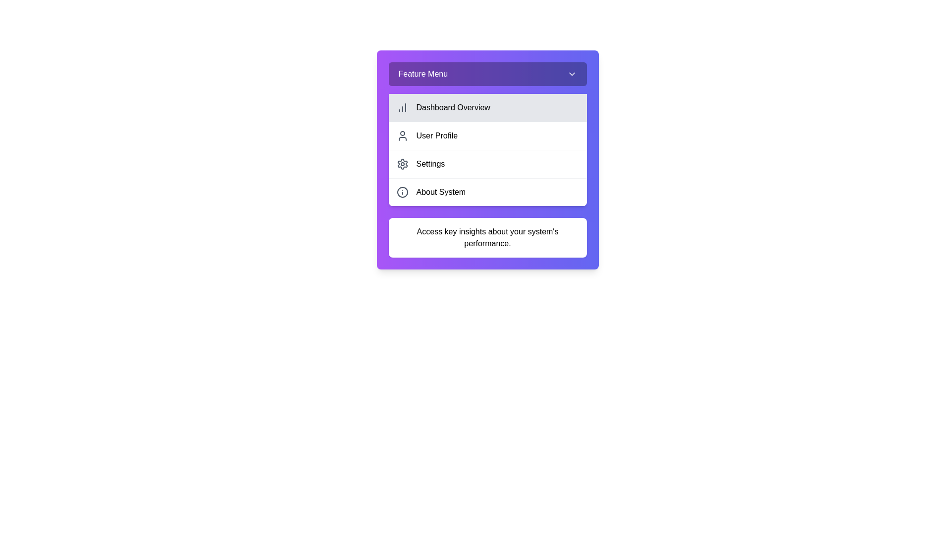 This screenshot has height=534, width=951. I want to click on the 'About System' menu item, which is the fourth item in the vertical menu list below 'Settings', so click(487, 192).